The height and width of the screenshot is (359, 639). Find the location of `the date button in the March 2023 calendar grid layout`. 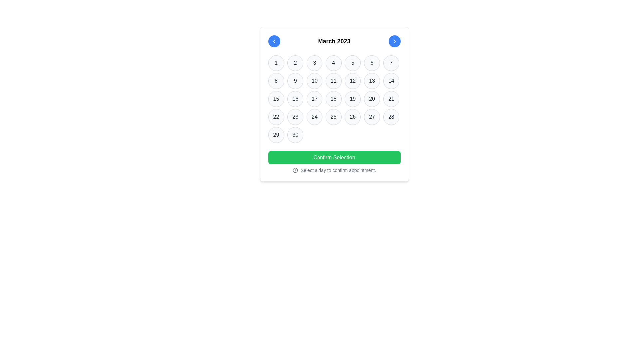

the date button in the March 2023 calendar grid layout is located at coordinates (334, 99).